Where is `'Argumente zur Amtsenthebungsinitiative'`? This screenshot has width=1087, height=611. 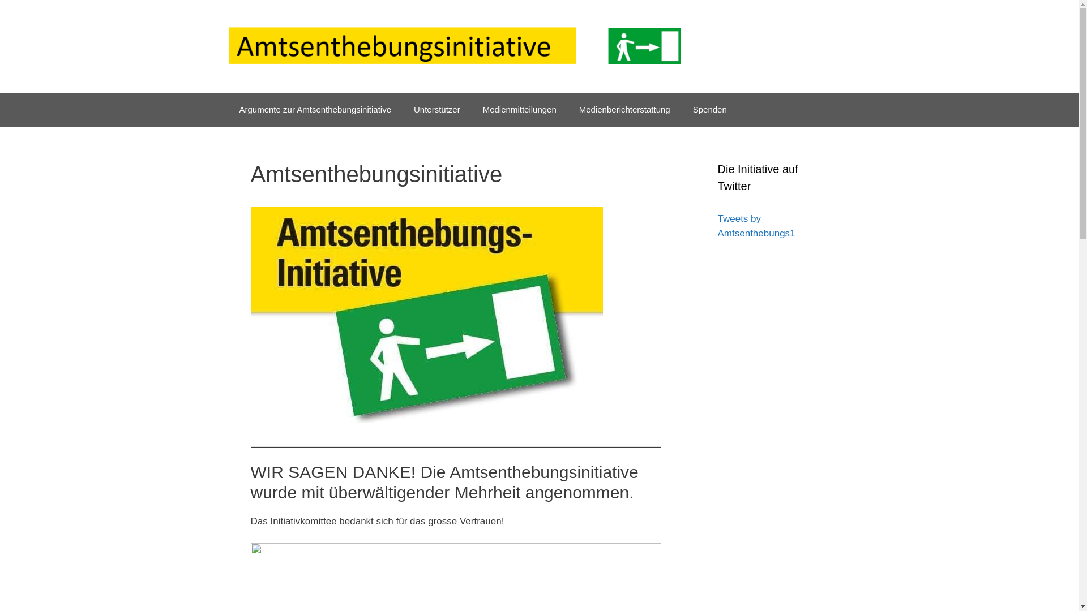 'Argumente zur Amtsenthebungsinitiative' is located at coordinates (315, 109).